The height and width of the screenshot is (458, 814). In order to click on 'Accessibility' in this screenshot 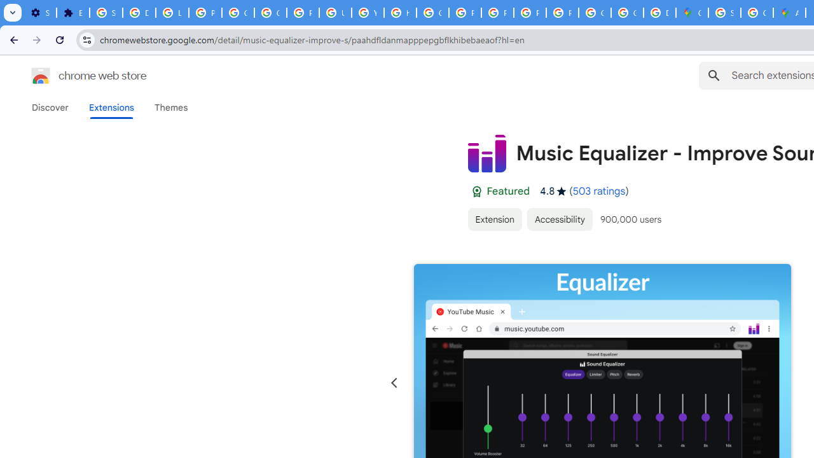, I will do `click(560, 218)`.